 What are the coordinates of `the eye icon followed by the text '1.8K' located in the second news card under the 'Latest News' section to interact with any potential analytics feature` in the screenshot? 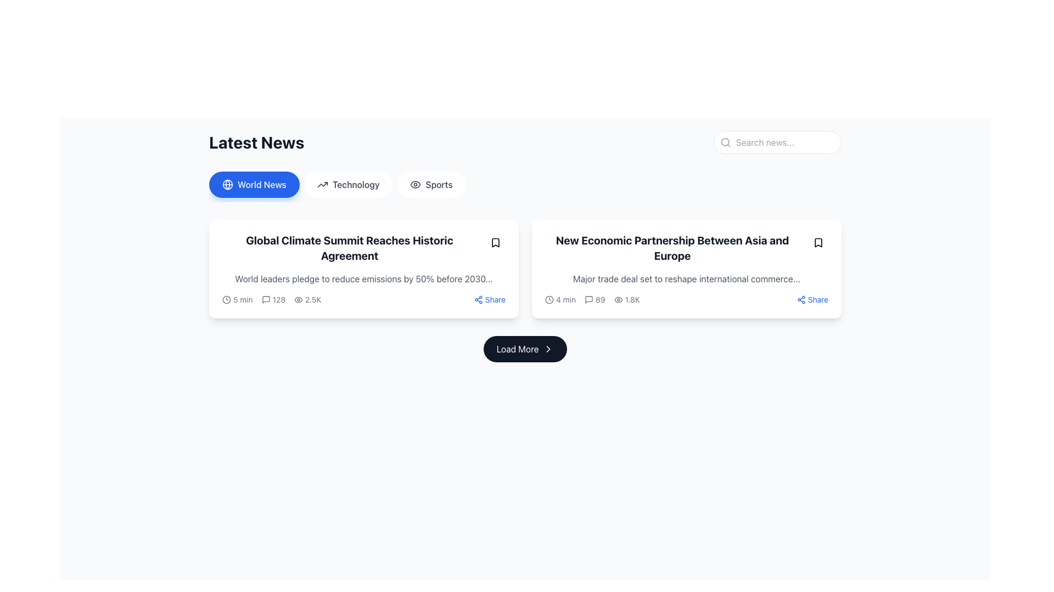 It's located at (627, 300).